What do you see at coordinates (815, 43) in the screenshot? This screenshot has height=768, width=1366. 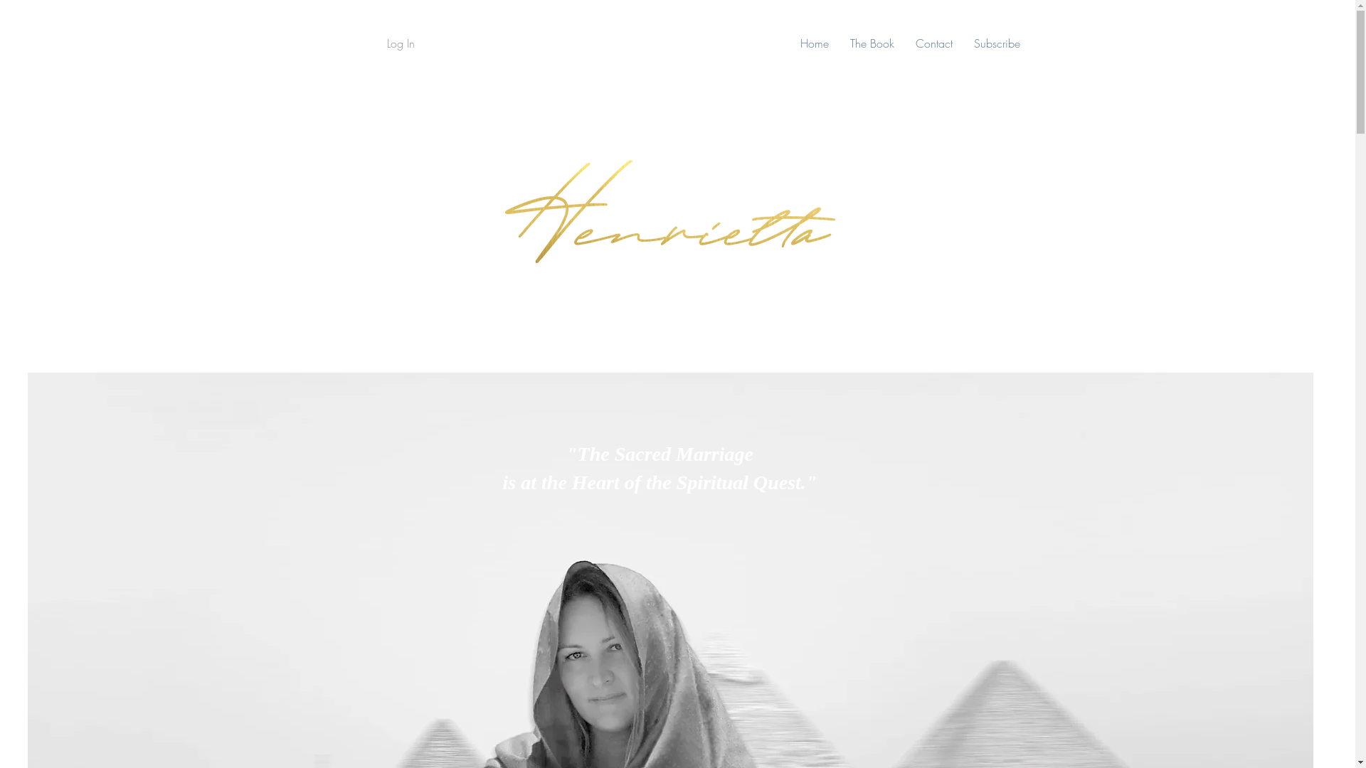 I see `'Home'` at bounding box center [815, 43].